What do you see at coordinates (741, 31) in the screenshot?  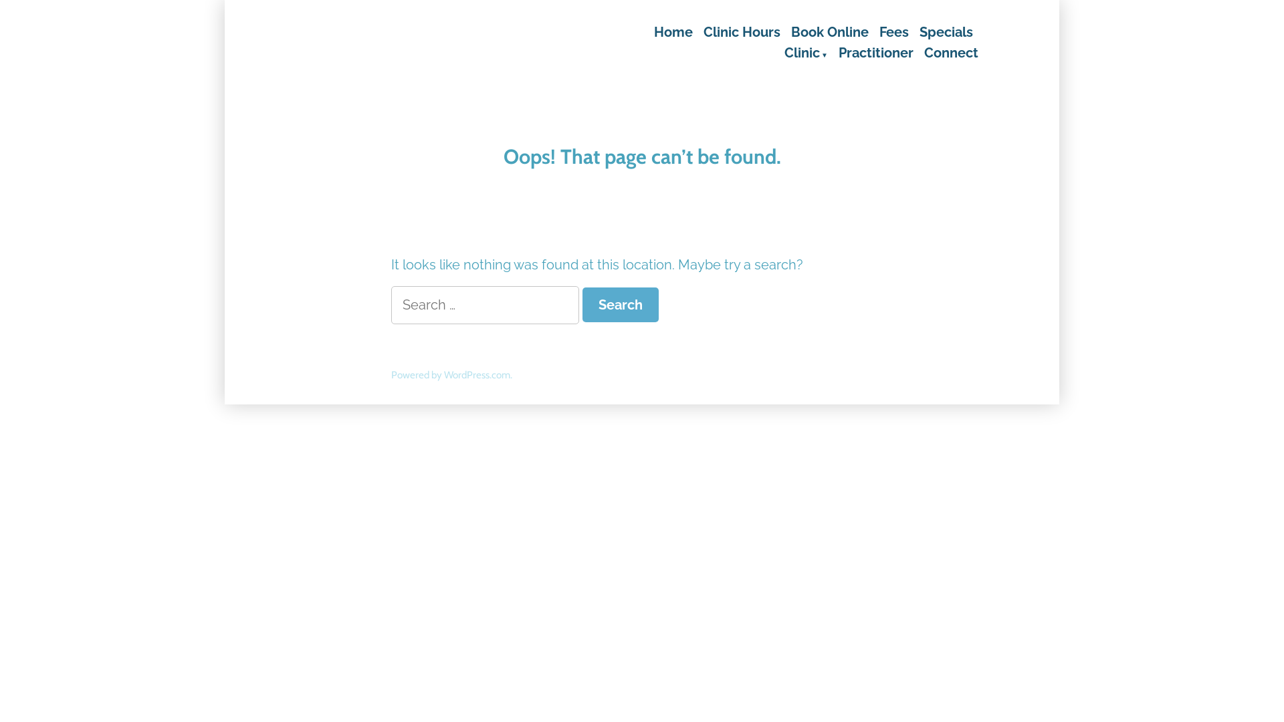 I see `'Clinic Hours'` at bounding box center [741, 31].